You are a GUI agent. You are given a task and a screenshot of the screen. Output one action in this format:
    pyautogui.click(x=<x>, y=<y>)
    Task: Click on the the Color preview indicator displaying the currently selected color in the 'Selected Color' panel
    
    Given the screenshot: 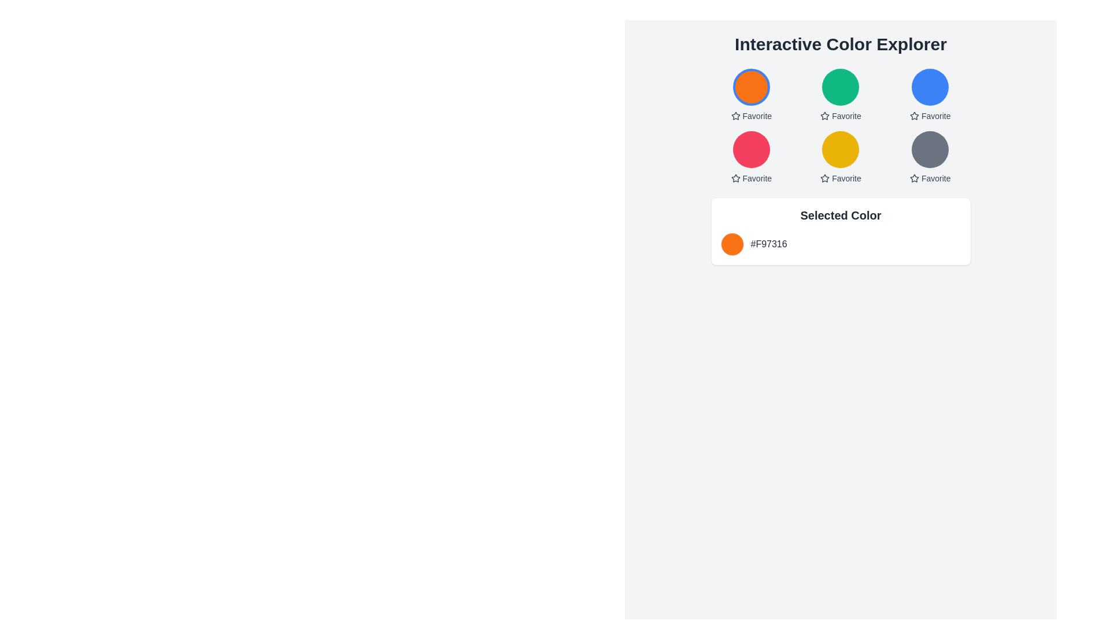 What is the action you would take?
    pyautogui.click(x=841, y=244)
    